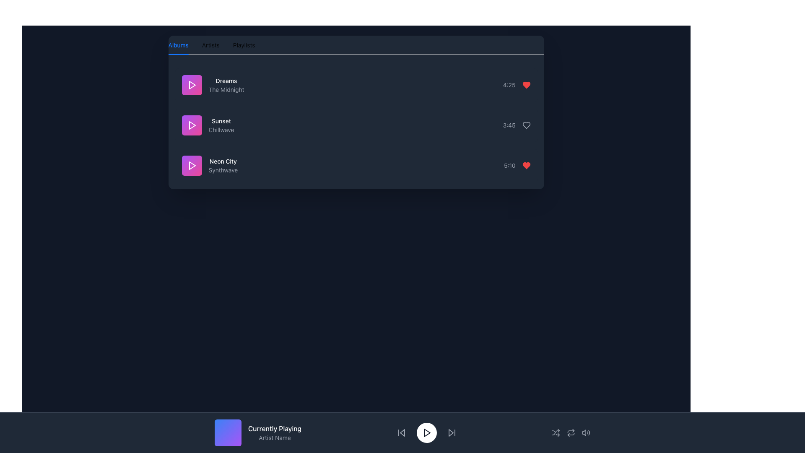 The width and height of the screenshot is (805, 453). What do you see at coordinates (192, 125) in the screenshot?
I see `the playback icon for the 'Sunset' track located in the second item of the playlist to initiate playback` at bounding box center [192, 125].